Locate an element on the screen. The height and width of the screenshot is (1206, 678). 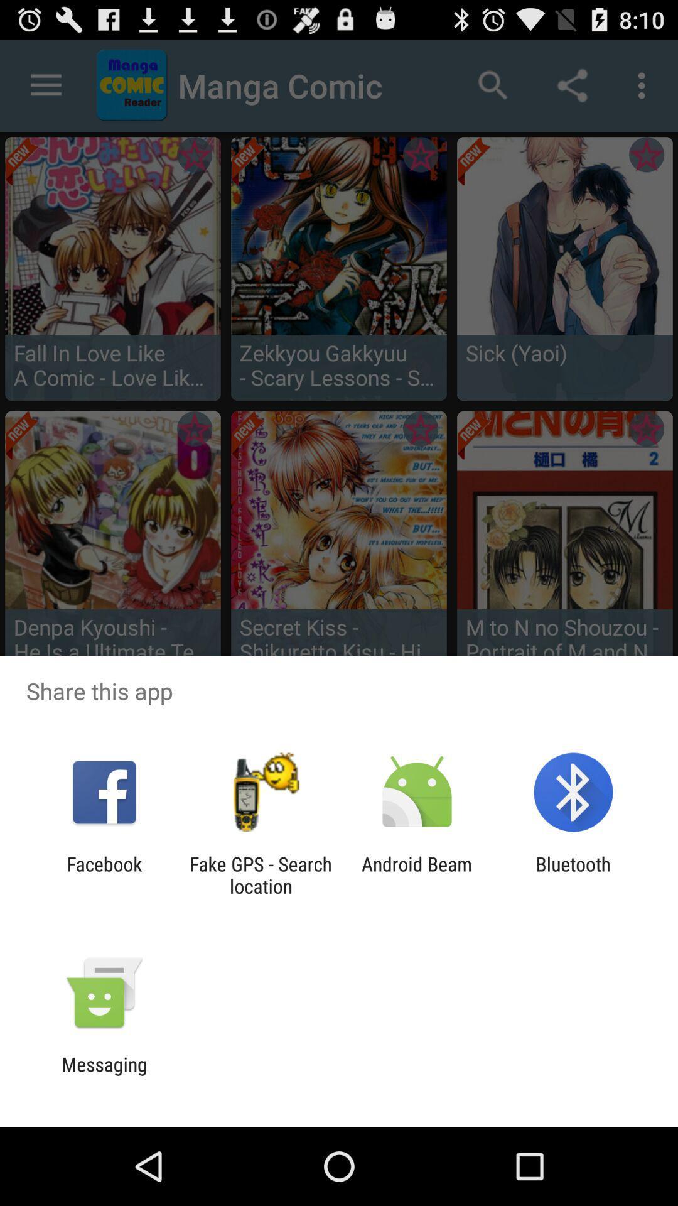
the bluetooth icon is located at coordinates (573, 874).